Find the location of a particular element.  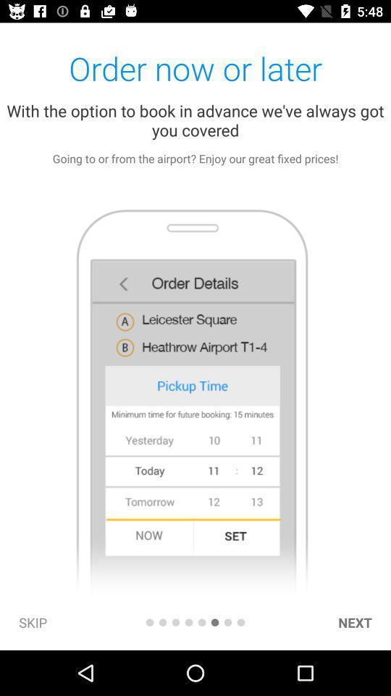

item at the bottom left corner is located at coordinates (33, 621).